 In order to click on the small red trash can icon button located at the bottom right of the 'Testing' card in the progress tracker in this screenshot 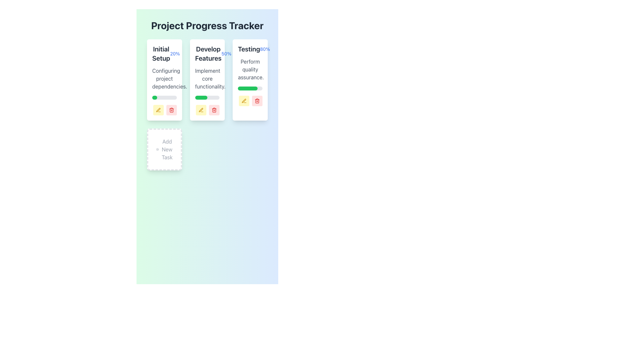, I will do `click(257, 101)`.